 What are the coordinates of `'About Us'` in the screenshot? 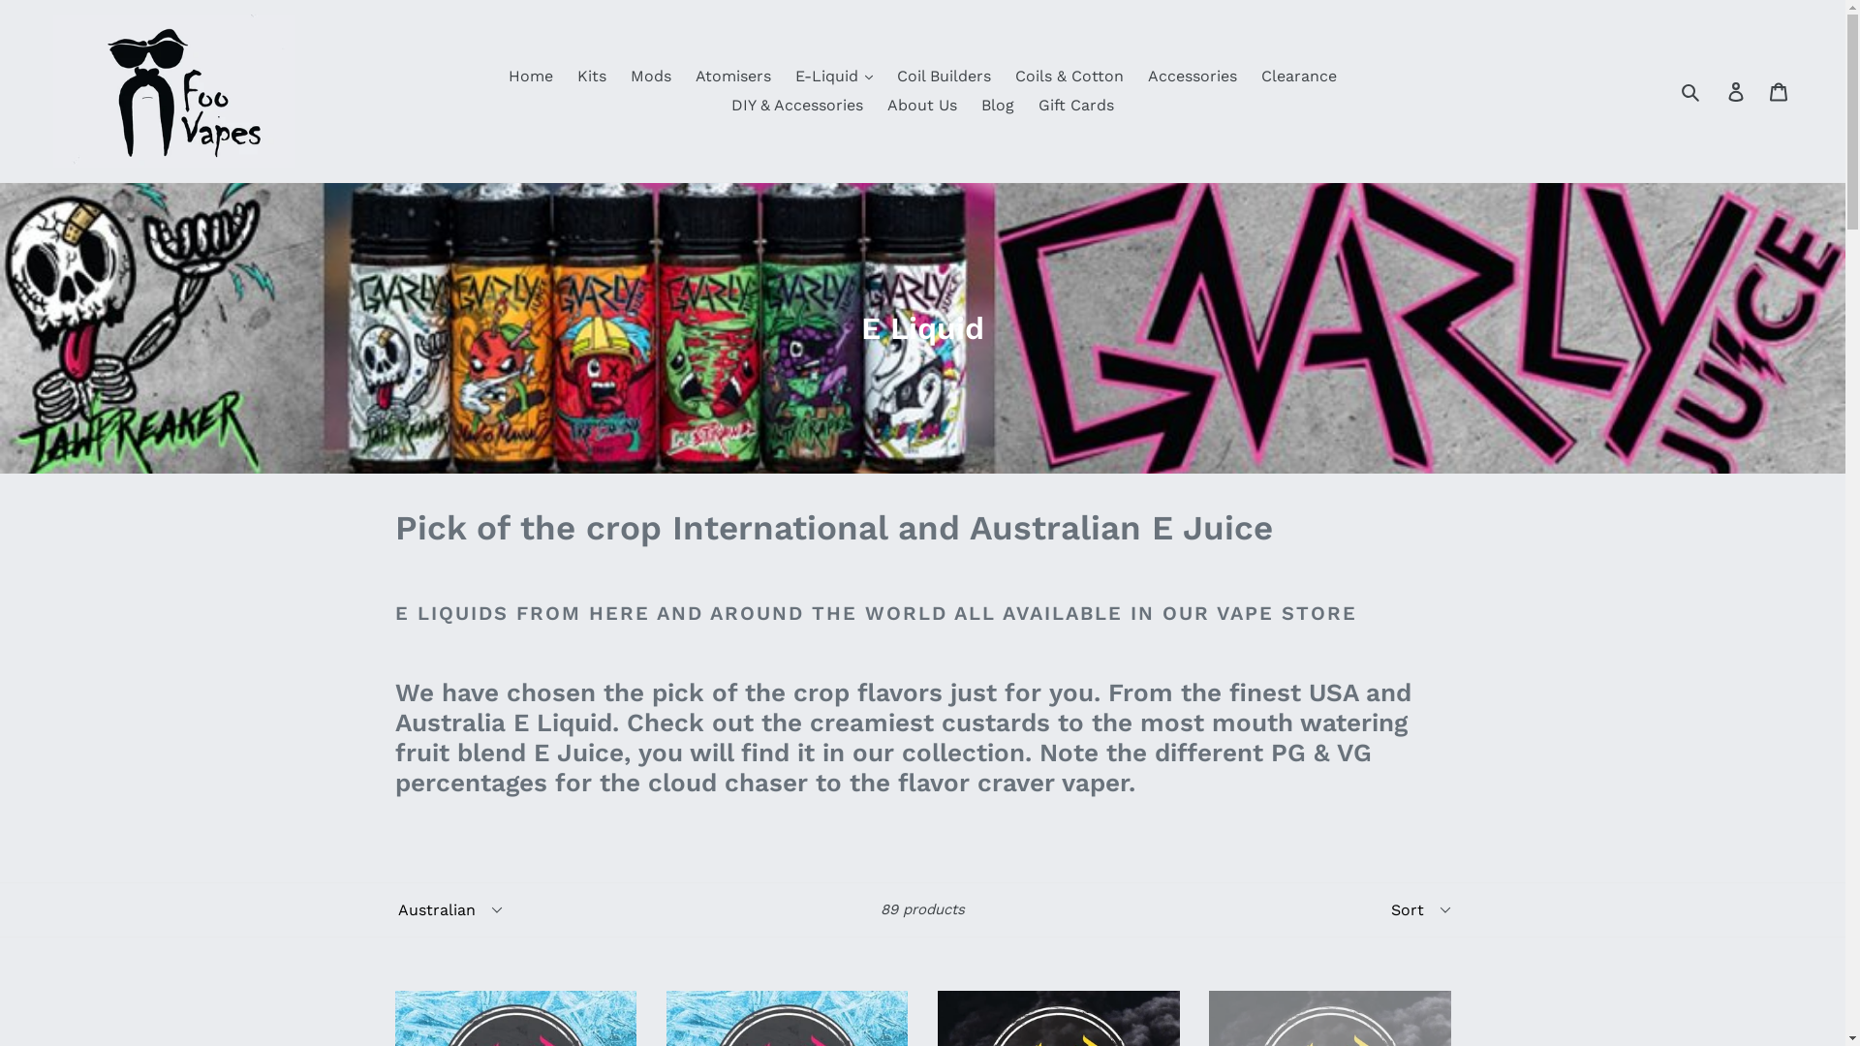 It's located at (920, 105).